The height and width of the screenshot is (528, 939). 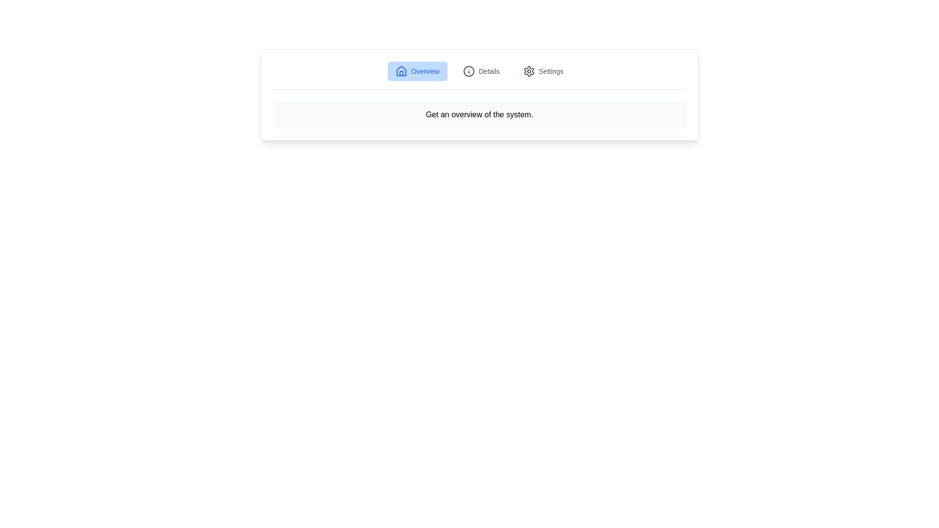 I want to click on the first button in the top-center navigation bar to trigger its hover state, which leads to the 'Overview' section of the application, so click(x=417, y=71).